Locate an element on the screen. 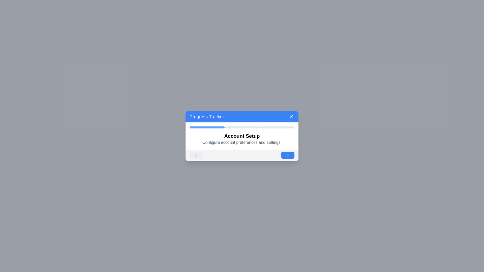 Image resolution: width=484 pixels, height=272 pixels. the forward action arrow icon styled as a chevron pointing to the right, located within a blue button at the bottom right corner of the modal dialog is located at coordinates (288, 155).